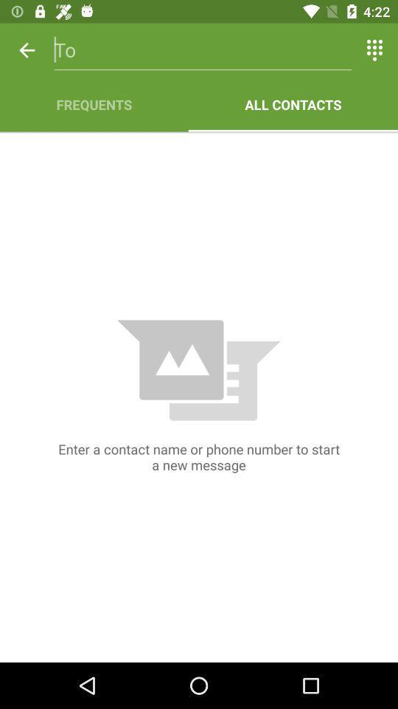 The image size is (398, 709). I want to click on the item above frequents app, so click(27, 50).